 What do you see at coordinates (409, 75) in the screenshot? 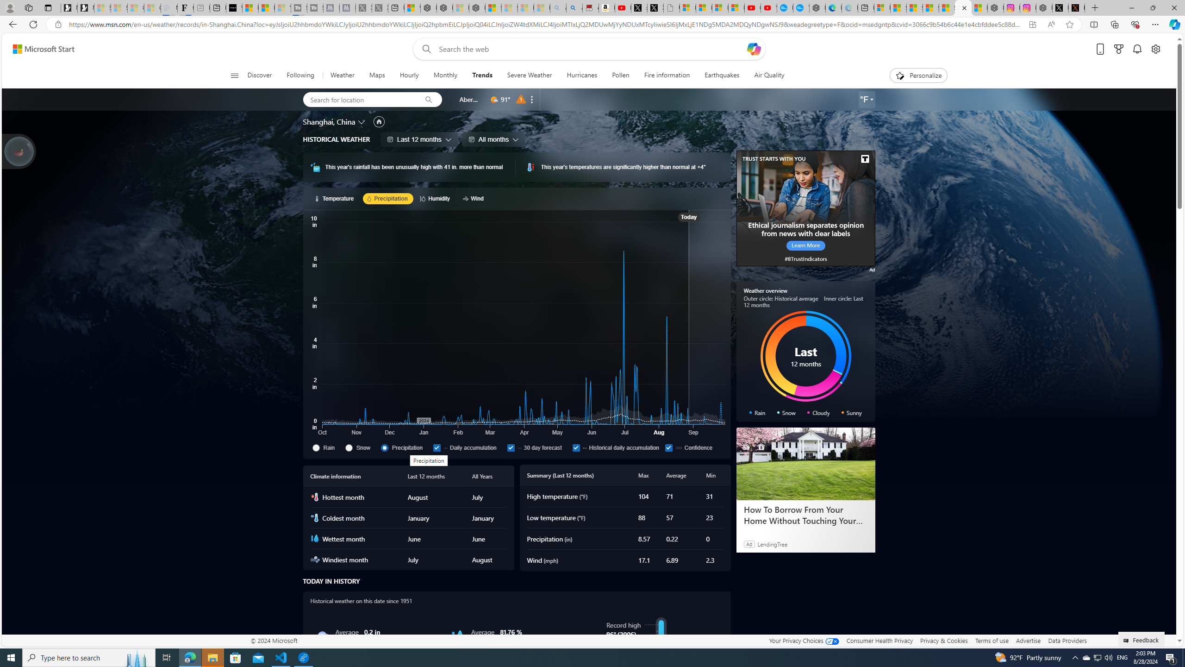
I see `'Hourly'` at bounding box center [409, 75].